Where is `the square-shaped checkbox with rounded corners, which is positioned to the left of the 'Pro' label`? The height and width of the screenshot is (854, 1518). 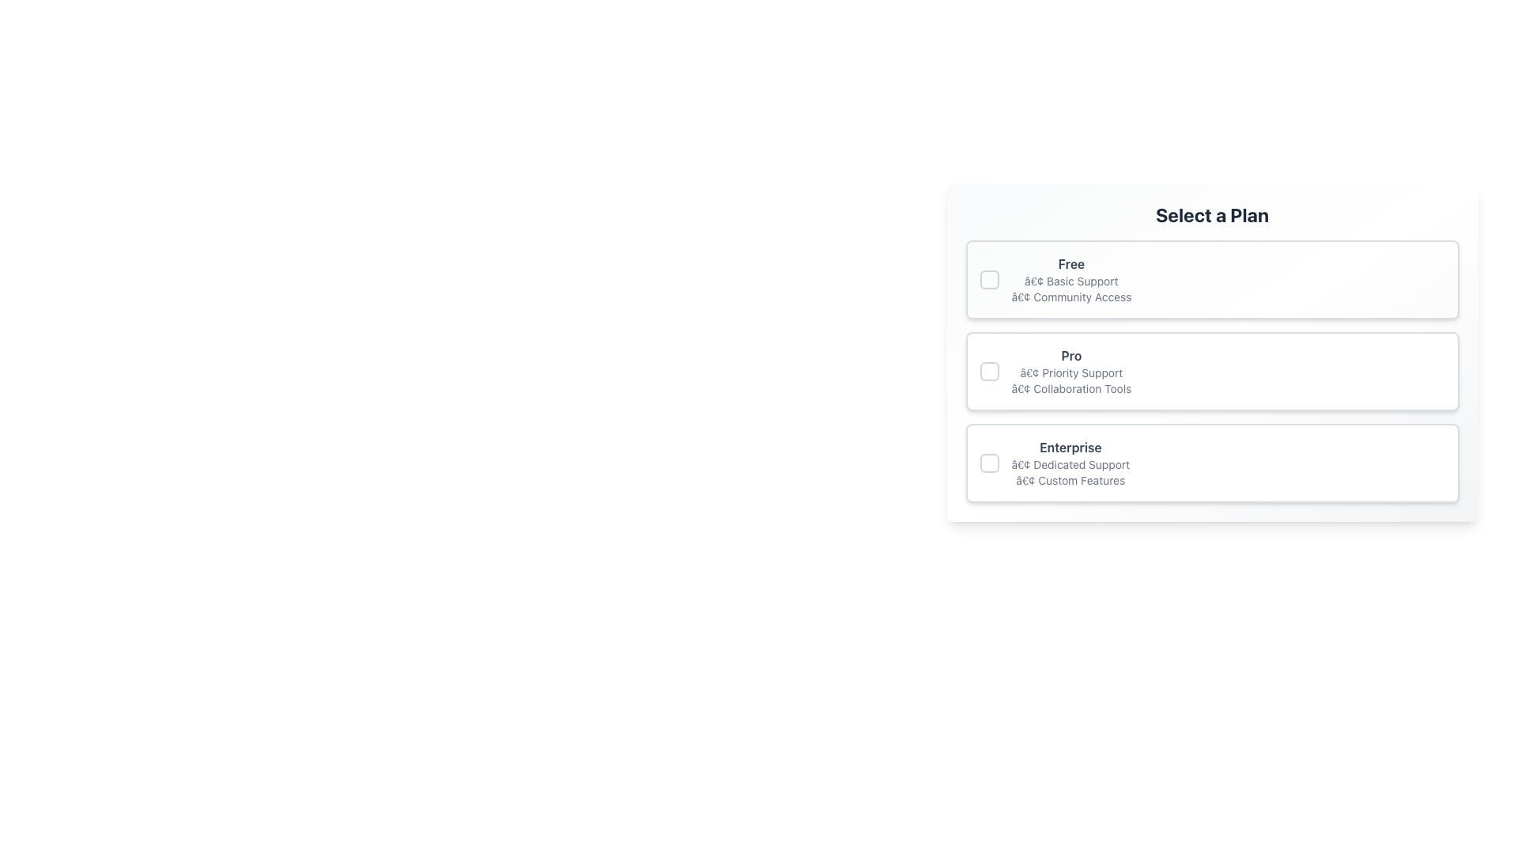
the square-shaped checkbox with rounded corners, which is positioned to the left of the 'Pro' label is located at coordinates (988, 372).